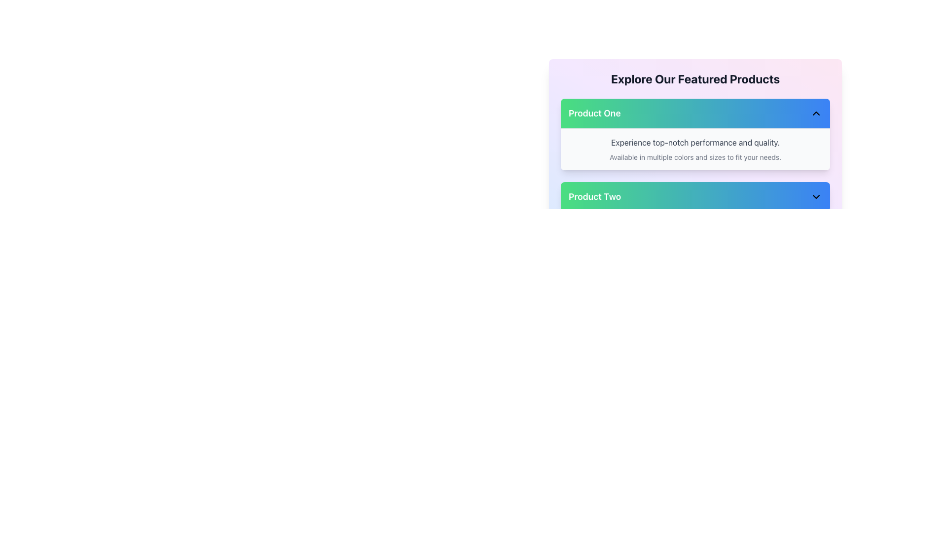 The height and width of the screenshot is (533, 947). What do you see at coordinates (816, 113) in the screenshot?
I see `the upward-pointing chevron icon located at the far right of the 'Product One' header` at bounding box center [816, 113].